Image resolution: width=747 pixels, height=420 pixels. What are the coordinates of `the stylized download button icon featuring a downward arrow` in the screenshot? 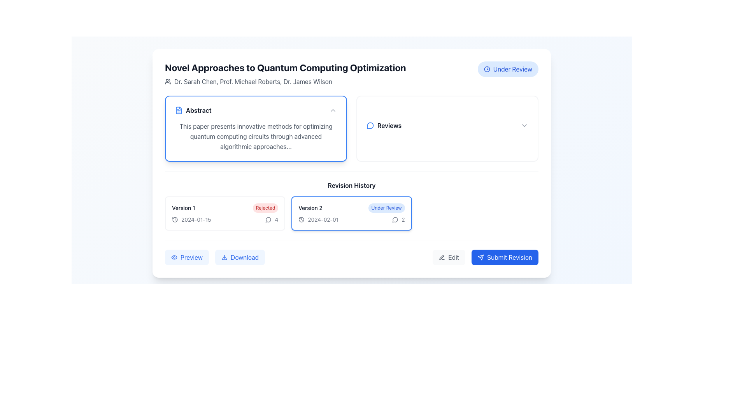 It's located at (224, 257).